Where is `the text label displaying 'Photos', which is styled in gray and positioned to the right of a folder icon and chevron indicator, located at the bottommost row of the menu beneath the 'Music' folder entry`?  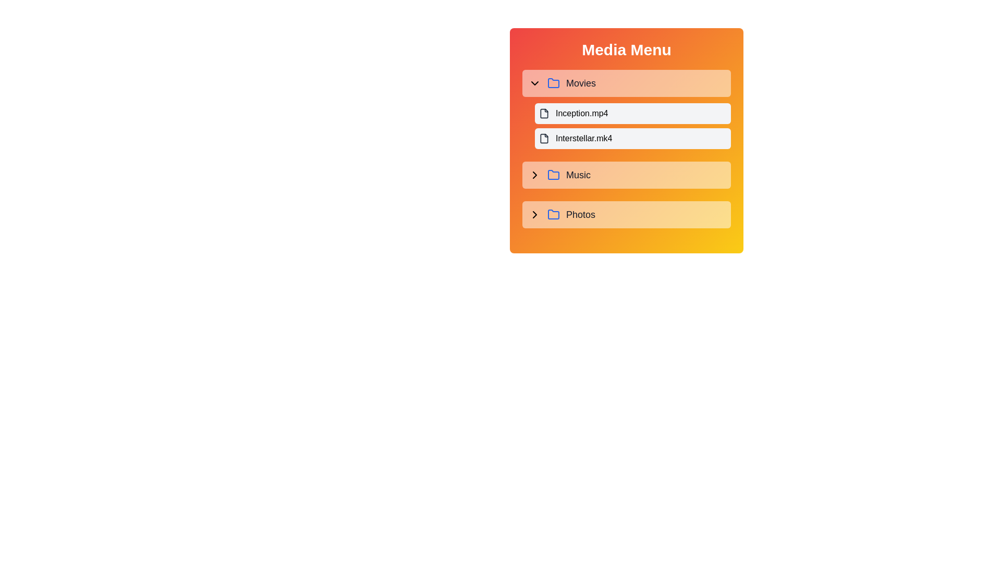
the text label displaying 'Photos', which is styled in gray and positioned to the right of a folder icon and chevron indicator, located at the bottommost row of the menu beneath the 'Music' folder entry is located at coordinates (580, 214).